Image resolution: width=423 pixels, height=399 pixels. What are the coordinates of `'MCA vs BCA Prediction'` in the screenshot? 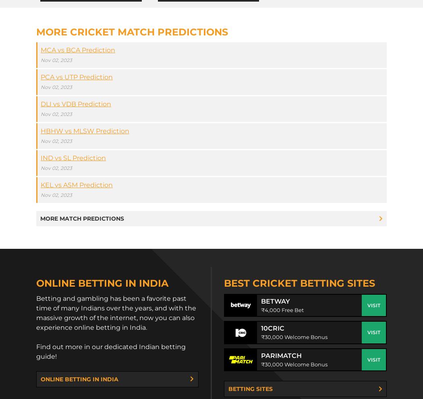 It's located at (77, 50).